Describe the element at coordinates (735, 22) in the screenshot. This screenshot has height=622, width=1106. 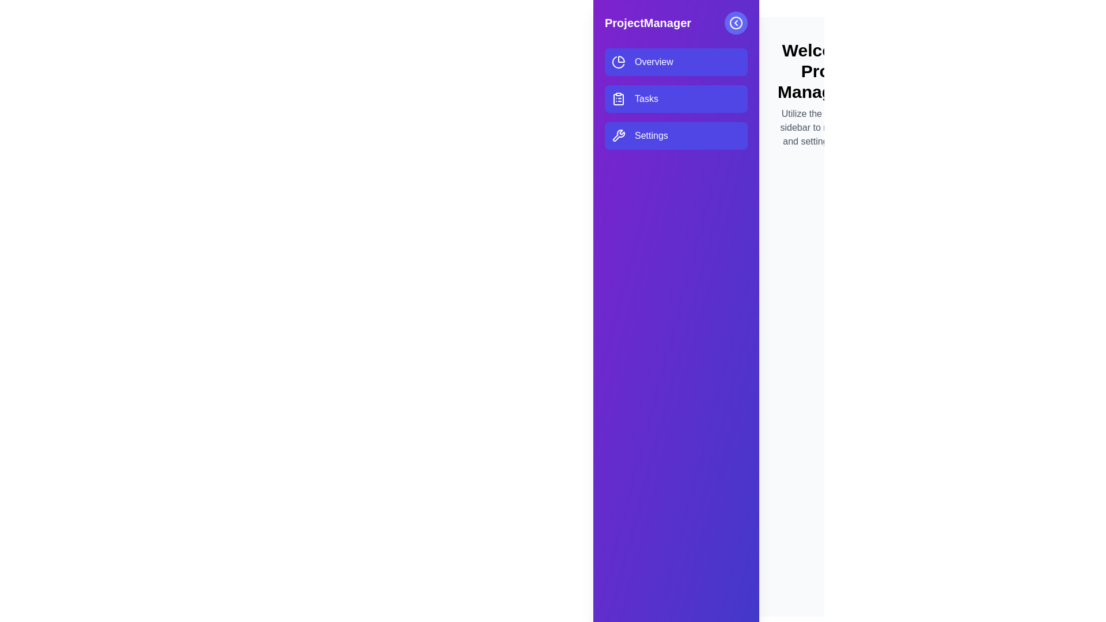
I see `the button with the circle icon to toggle the drawer visibility` at that location.